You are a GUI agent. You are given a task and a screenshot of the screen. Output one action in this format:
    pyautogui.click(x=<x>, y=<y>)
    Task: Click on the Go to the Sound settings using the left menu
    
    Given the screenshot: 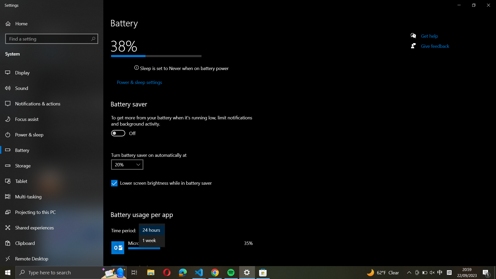 What is the action you would take?
    pyautogui.click(x=52, y=88)
    